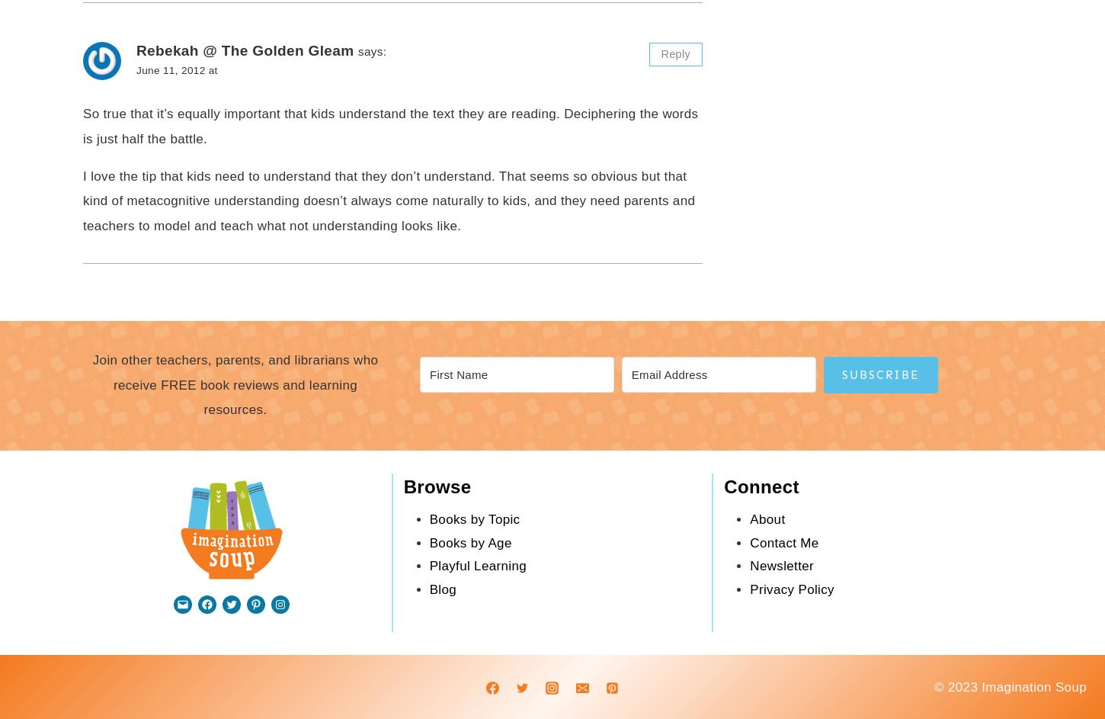 This screenshot has height=719, width=1105. I want to click on 'Contact Me', so click(784, 541).